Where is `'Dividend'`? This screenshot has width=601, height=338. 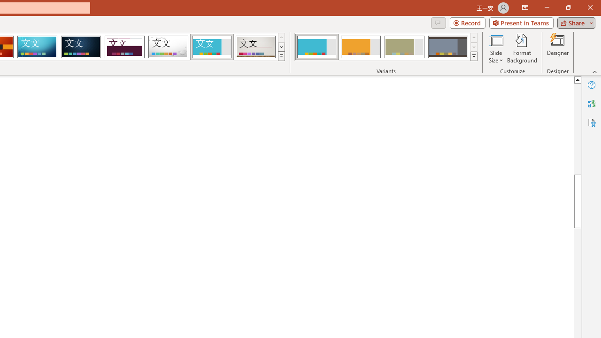 'Dividend' is located at coordinates (124, 47).